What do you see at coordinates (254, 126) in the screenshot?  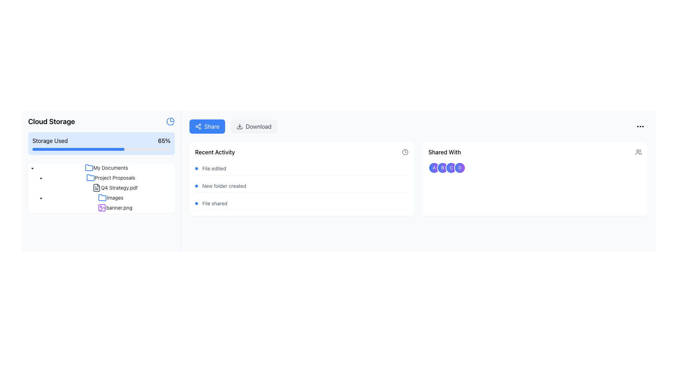 I see `the 'Download' button with a gray background and rounded corners, located to the right of the 'Share' button, to trigger a visual state change` at bounding box center [254, 126].